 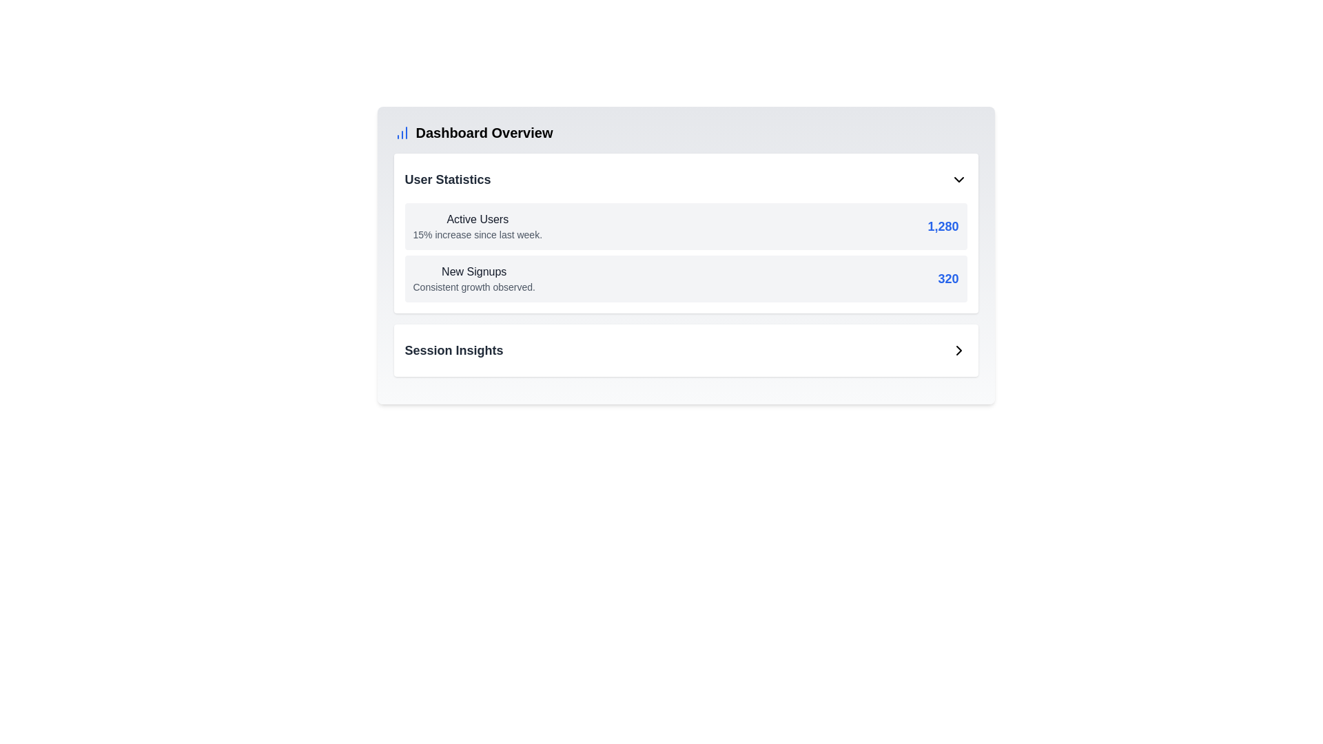 What do you see at coordinates (958, 350) in the screenshot?
I see `the right-facing chevron icon located at the far right of the 'Session Insights' label` at bounding box center [958, 350].